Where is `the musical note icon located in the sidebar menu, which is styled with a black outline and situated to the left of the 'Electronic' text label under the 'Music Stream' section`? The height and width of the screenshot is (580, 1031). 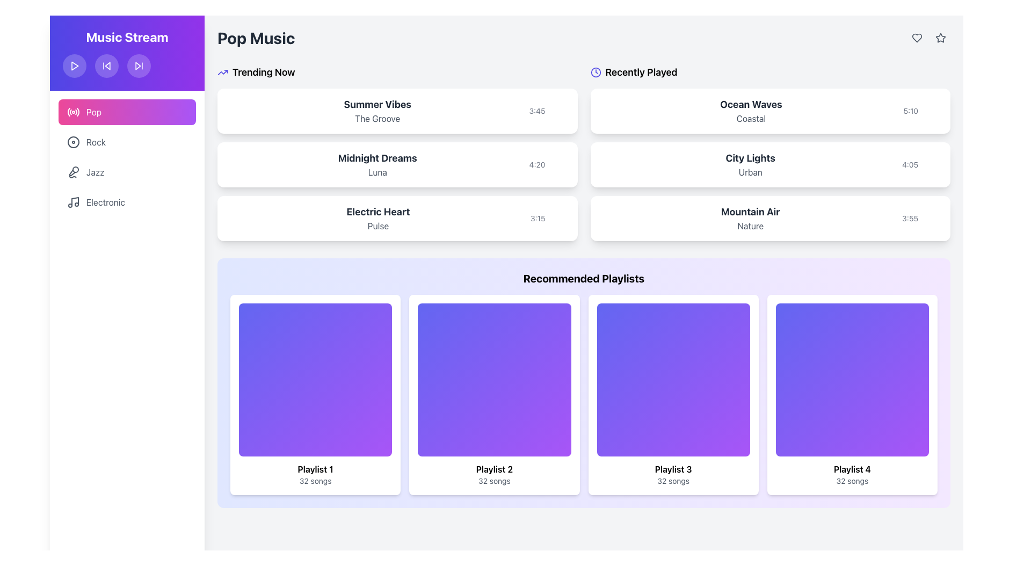
the musical note icon located in the sidebar menu, which is styled with a black outline and situated to the left of the 'Electronic' text label under the 'Music Stream' section is located at coordinates (73, 202).